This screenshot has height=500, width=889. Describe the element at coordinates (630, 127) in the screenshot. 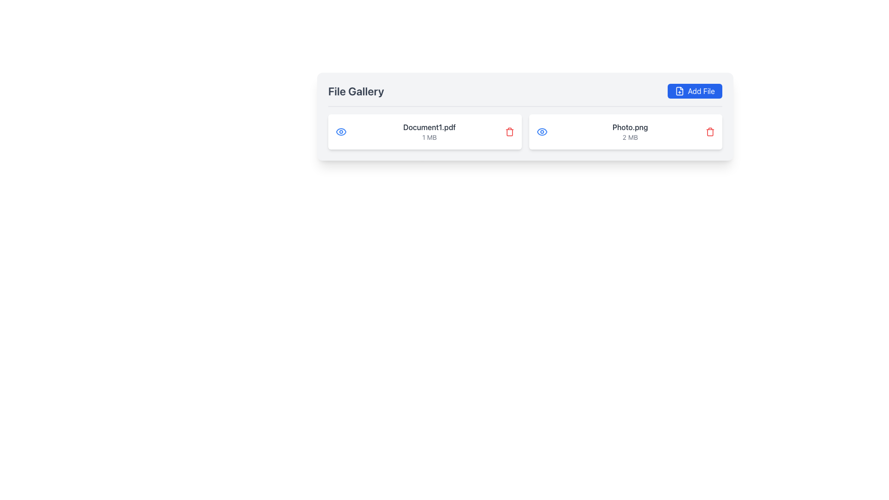

I see `the static text displaying the file name 'Photo.png' located in the 'File Gallery' section` at that location.